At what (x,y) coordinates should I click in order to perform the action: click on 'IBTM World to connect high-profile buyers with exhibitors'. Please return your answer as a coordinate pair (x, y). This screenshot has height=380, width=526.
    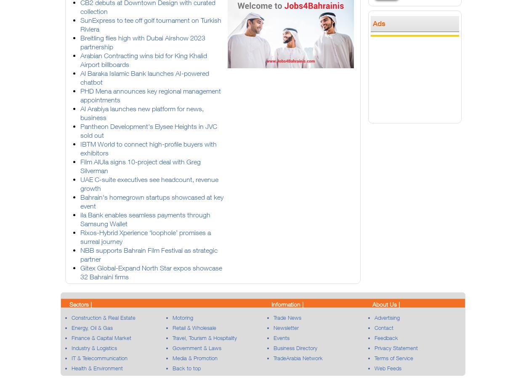
    Looking at the image, I should click on (80, 148).